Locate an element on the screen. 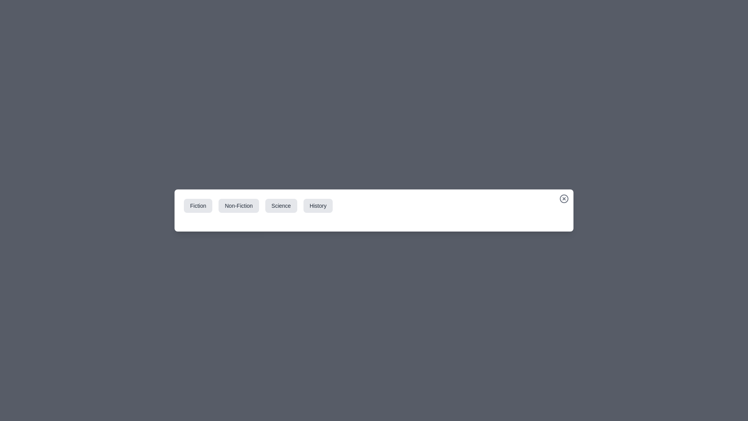 Image resolution: width=748 pixels, height=421 pixels. the Fiction tab is located at coordinates (198, 205).